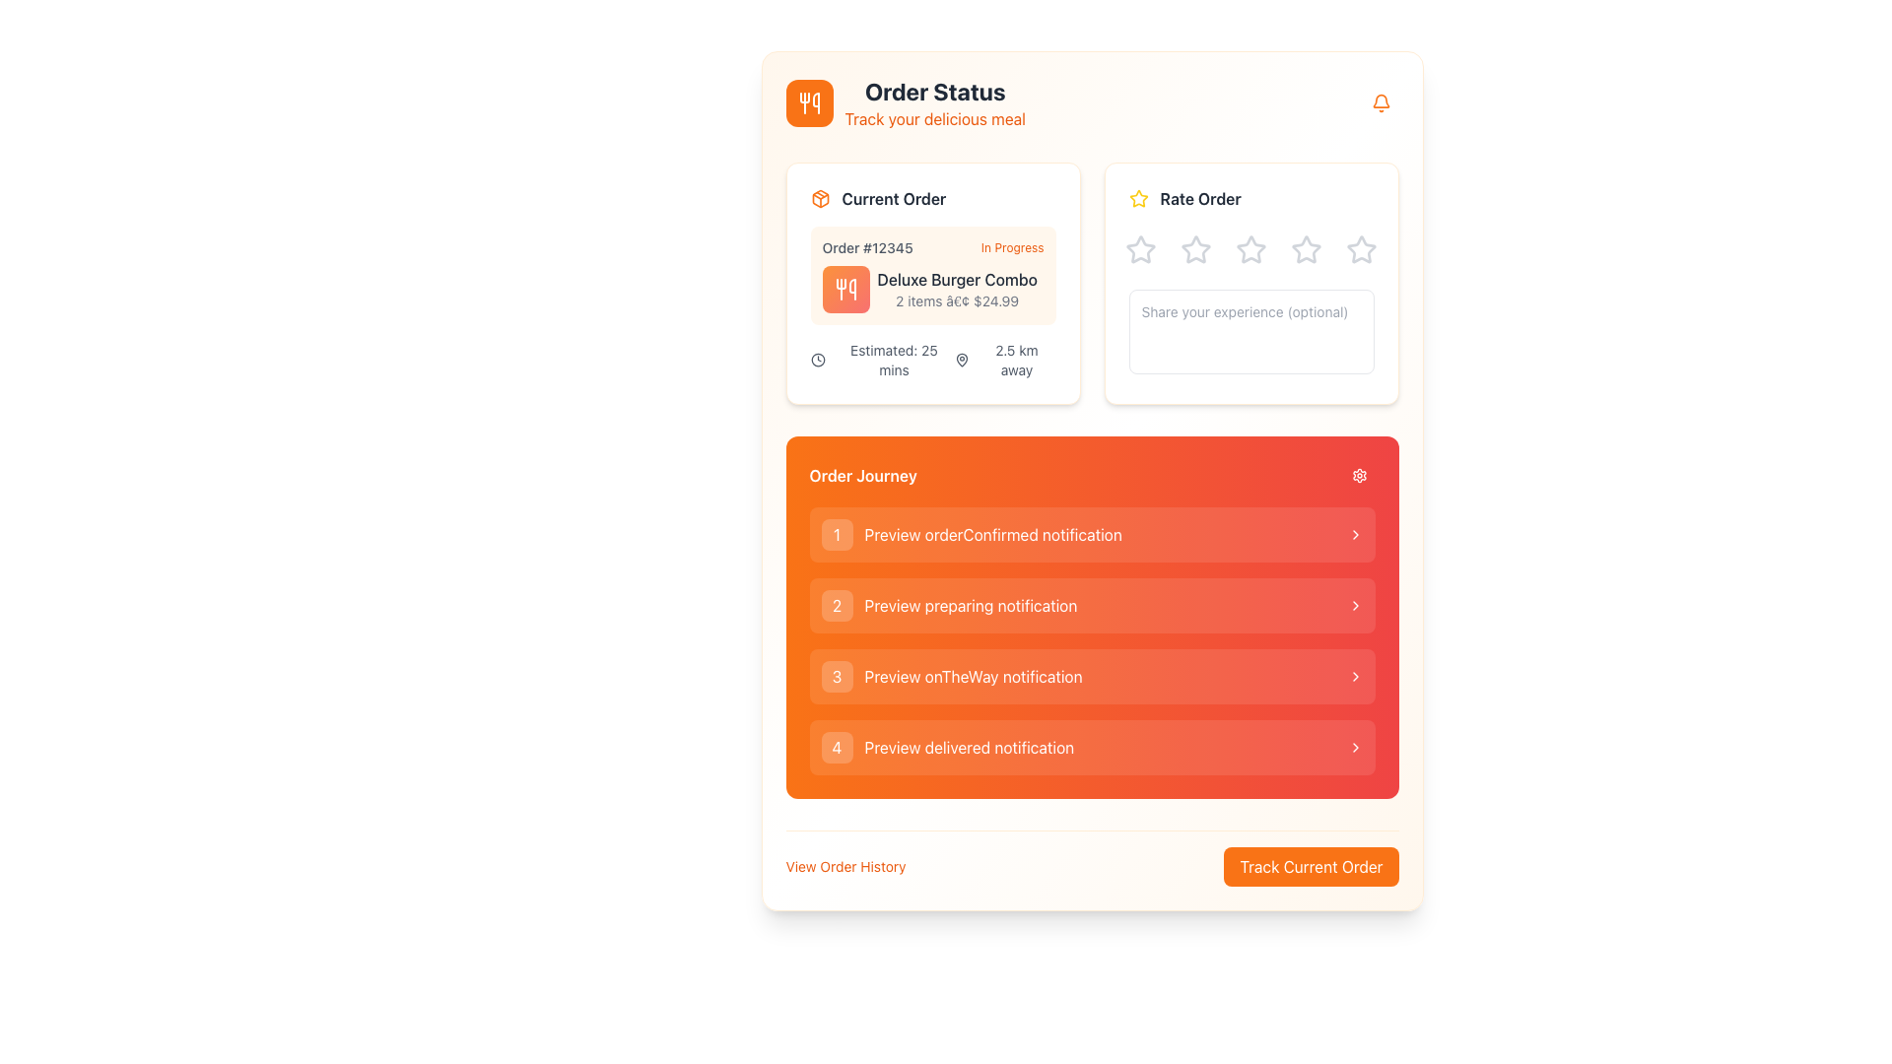 The image size is (1892, 1064). What do you see at coordinates (1250, 249) in the screenshot?
I see `the second hollow star icon in the rating section` at bounding box center [1250, 249].